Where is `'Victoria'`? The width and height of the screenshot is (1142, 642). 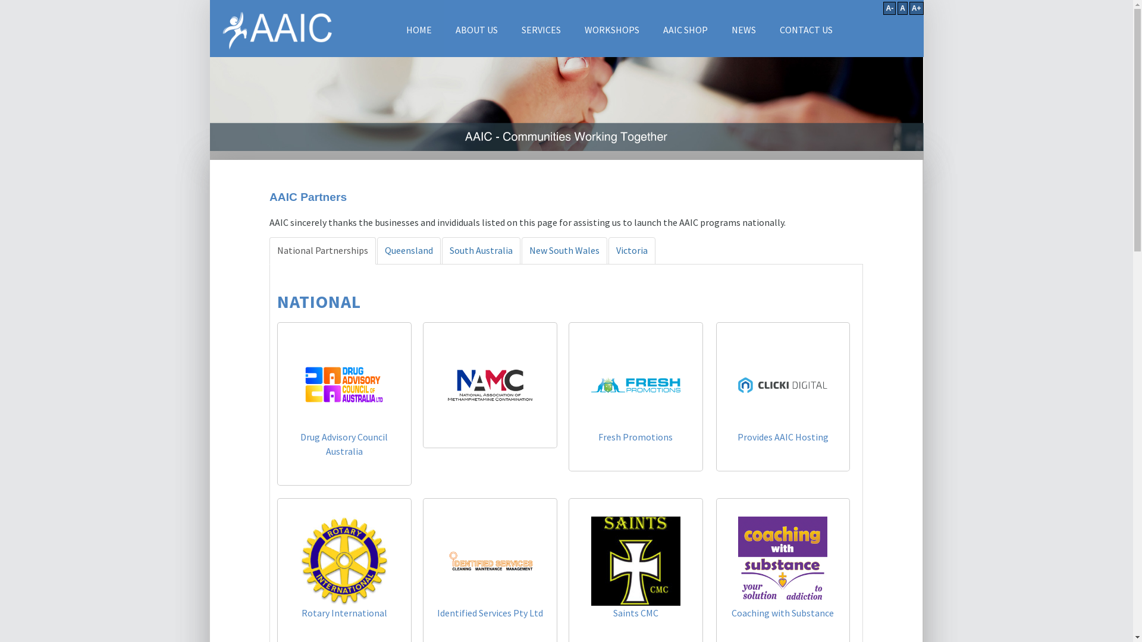 'Victoria' is located at coordinates (631, 250).